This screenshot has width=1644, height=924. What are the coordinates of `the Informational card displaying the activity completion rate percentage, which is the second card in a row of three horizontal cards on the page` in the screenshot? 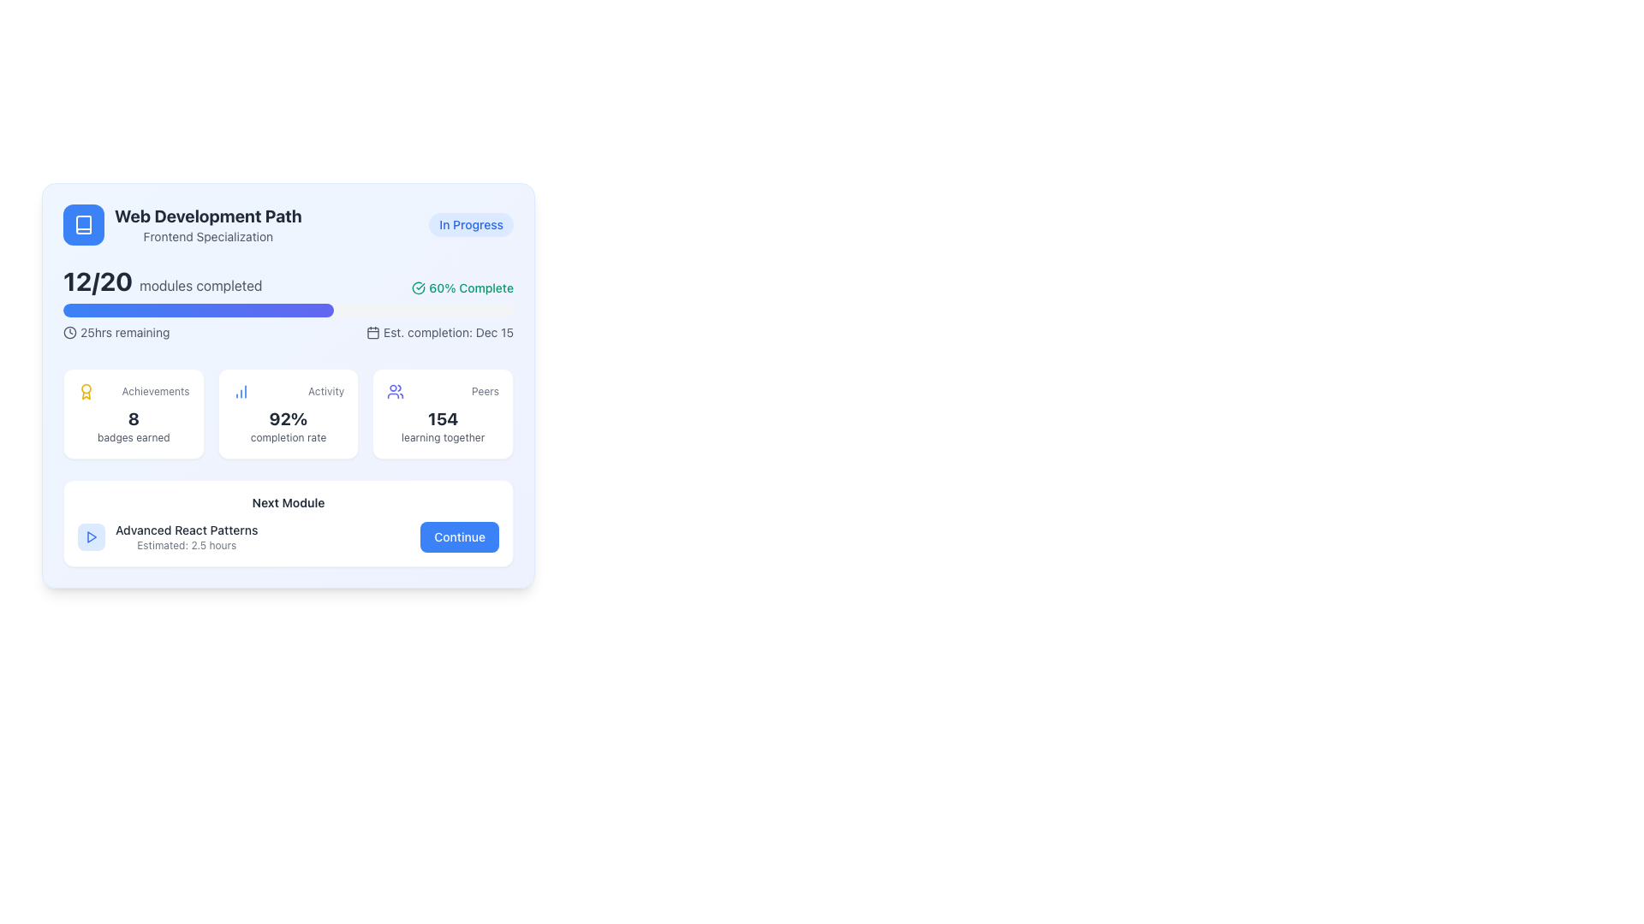 It's located at (288, 413).